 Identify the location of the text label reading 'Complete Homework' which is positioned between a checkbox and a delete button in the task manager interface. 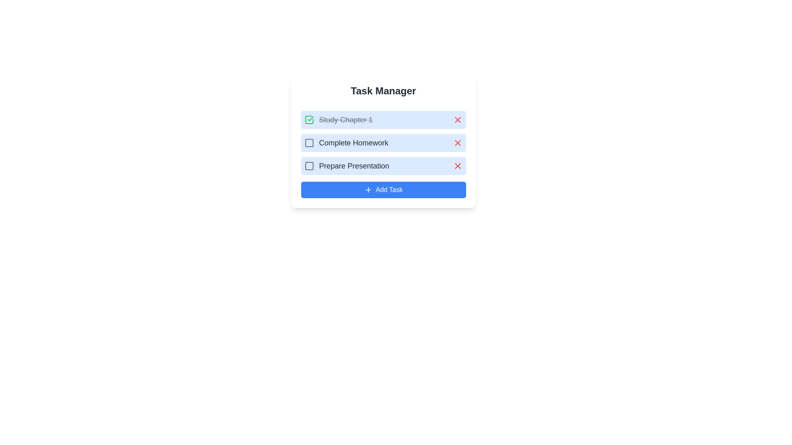
(354, 143).